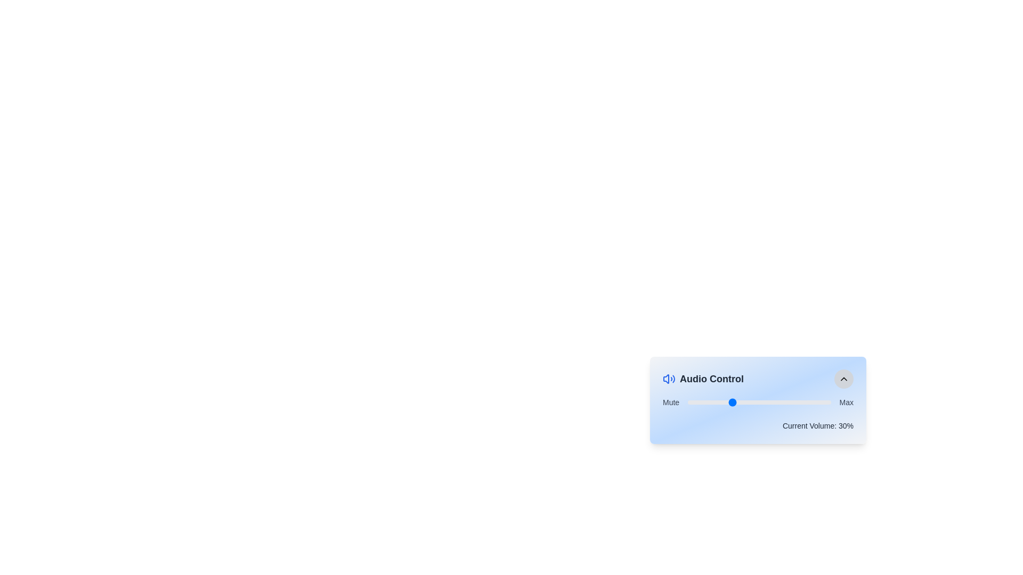  What do you see at coordinates (716, 402) in the screenshot?
I see `the volume level` at bounding box center [716, 402].